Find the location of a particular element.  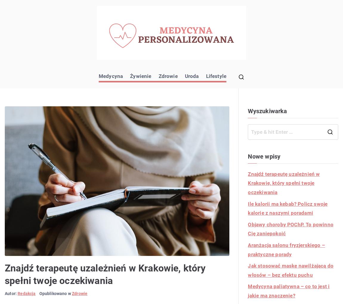

'Nowe wpisy' is located at coordinates (247, 156).